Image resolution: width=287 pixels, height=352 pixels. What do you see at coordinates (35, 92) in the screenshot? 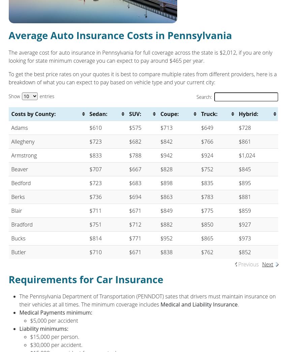
I see `'www.dmv.state.pa.us'` at bounding box center [35, 92].